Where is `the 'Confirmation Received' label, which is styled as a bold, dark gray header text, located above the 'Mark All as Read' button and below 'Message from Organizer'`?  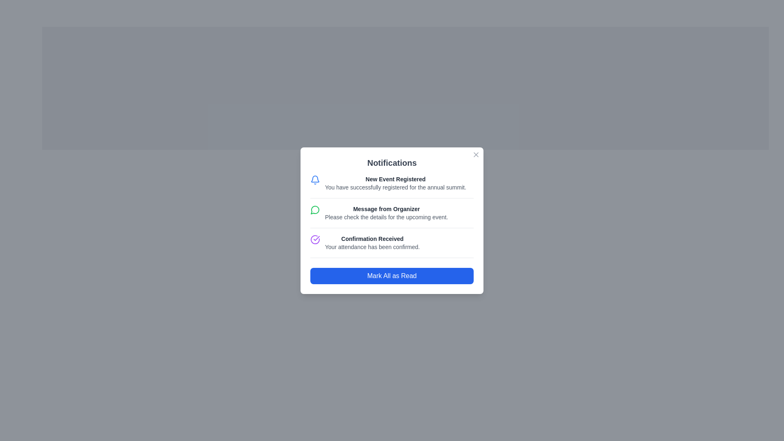 the 'Confirmation Received' label, which is styled as a bold, dark gray header text, located above the 'Mark All as Read' button and below 'Message from Organizer' is located at coordinates (372, 238).